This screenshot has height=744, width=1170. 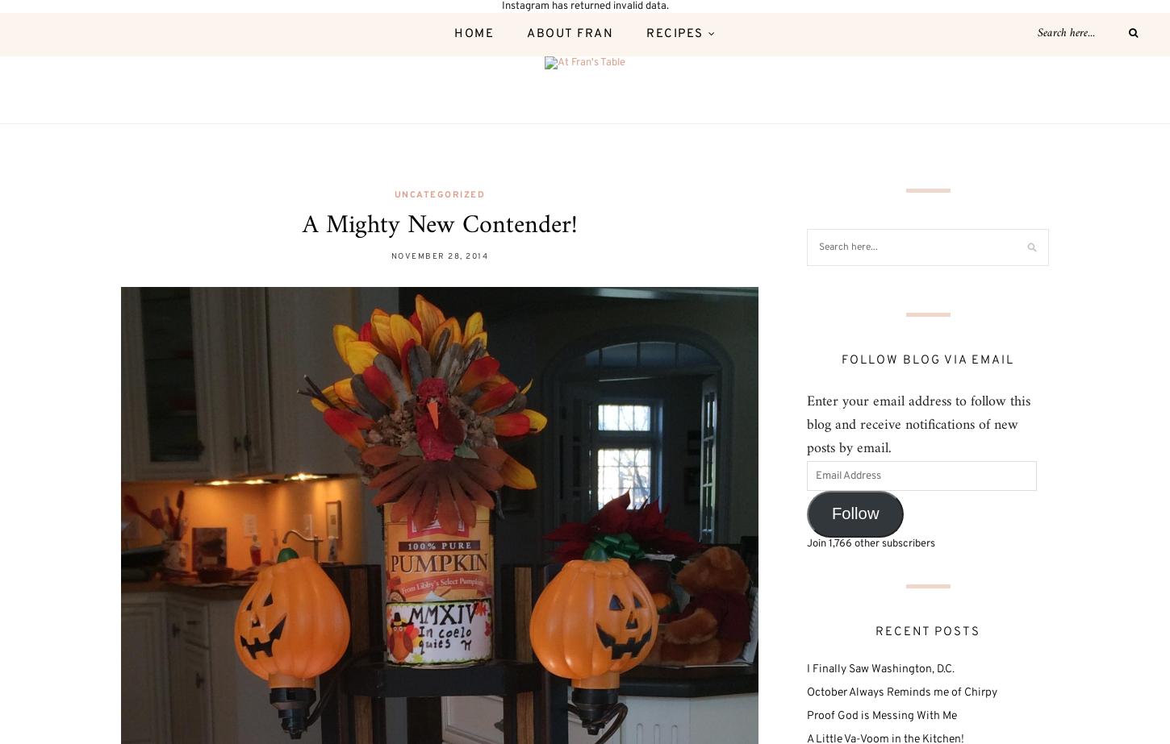 What do you see at coordinates (926, 630) in the screenshot?
I see `'Recent Posts'` at bounding box center [926, 630].